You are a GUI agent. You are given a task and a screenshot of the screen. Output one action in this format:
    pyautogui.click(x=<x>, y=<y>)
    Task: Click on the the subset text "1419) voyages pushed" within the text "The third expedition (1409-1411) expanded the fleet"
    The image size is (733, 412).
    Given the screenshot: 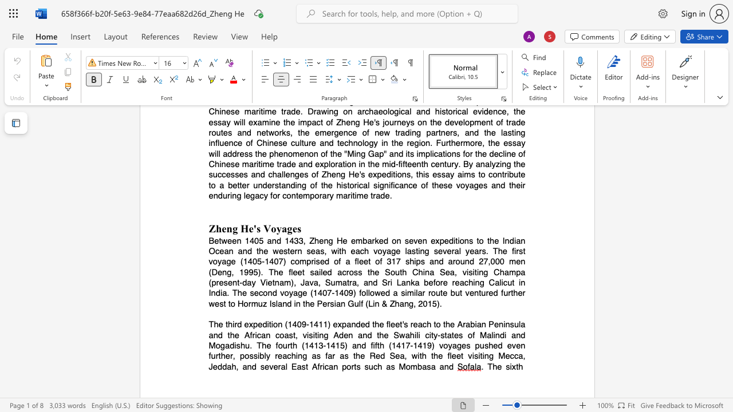 What is the action you would take?
    pyautogui.click(x=412, y=345)
    